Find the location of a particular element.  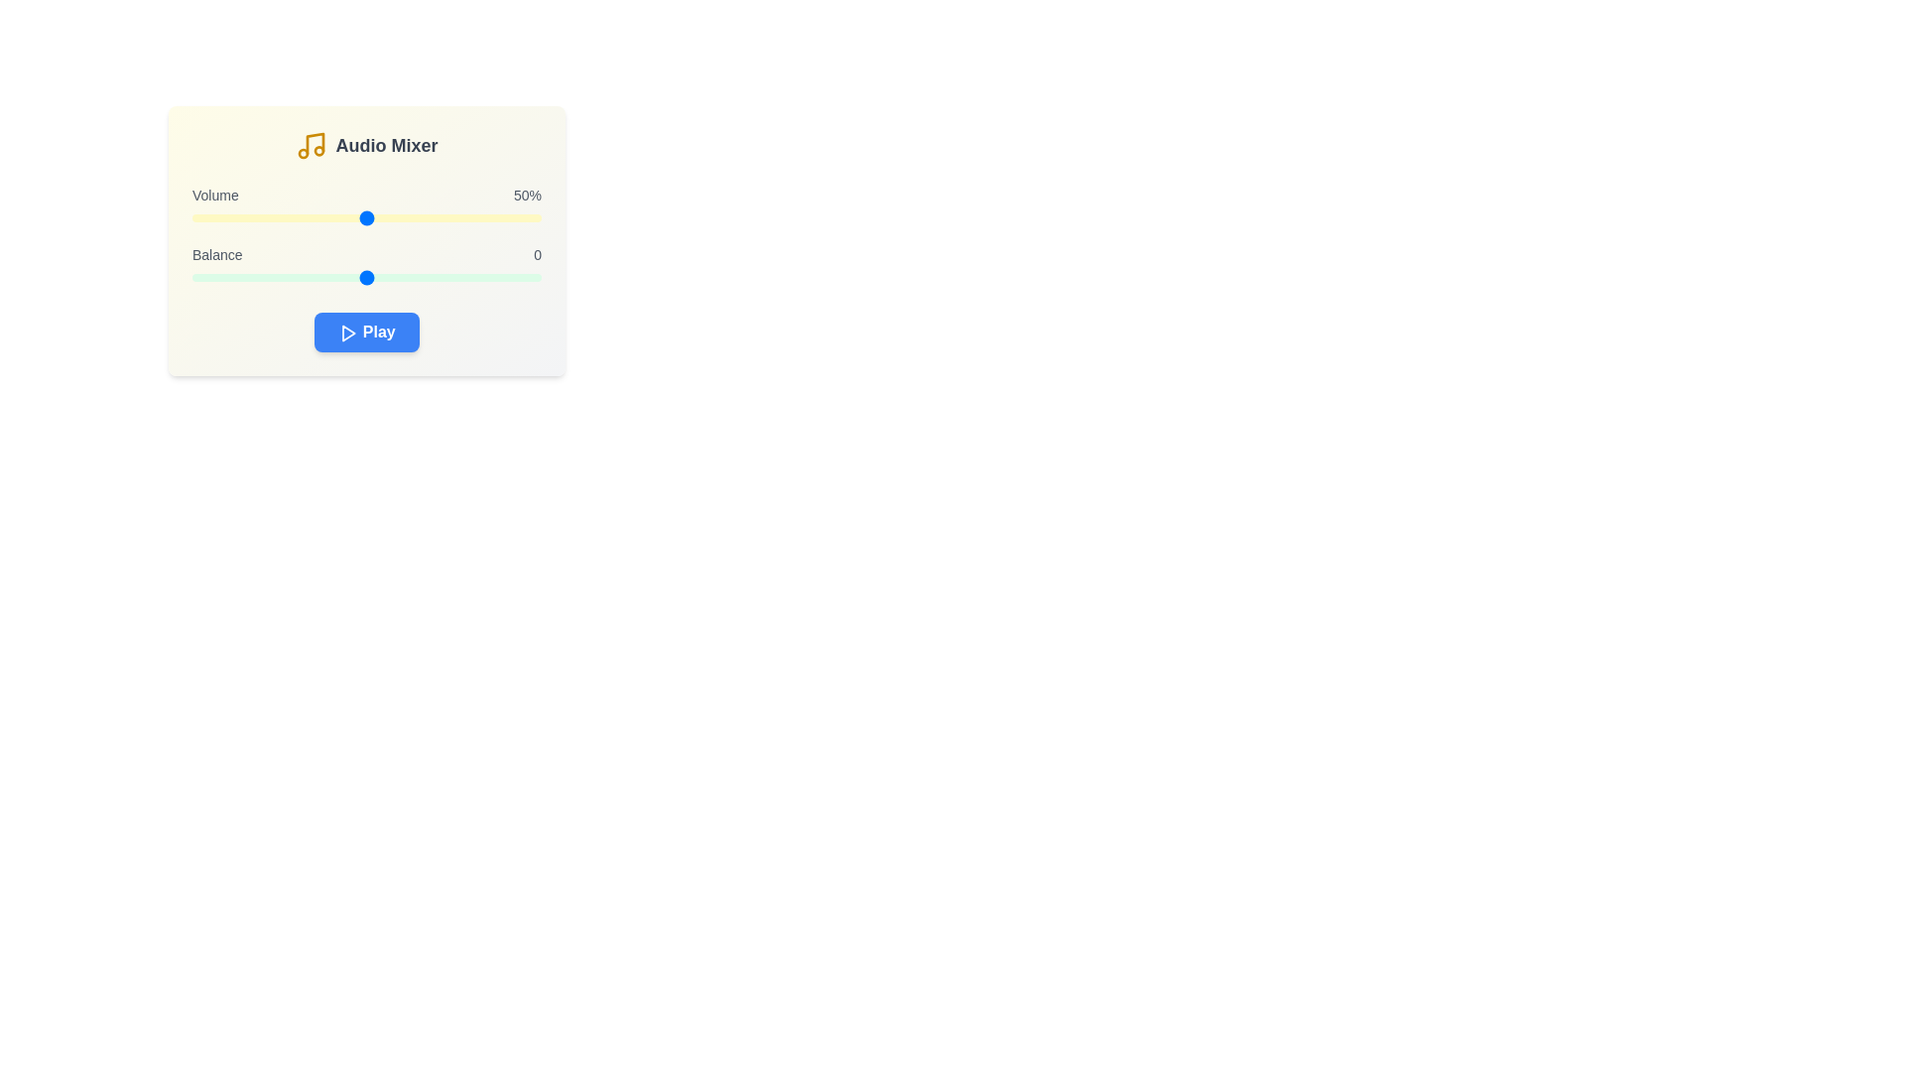

on the 'Play' icon located inside the blue rectangular button at the lower central part of the audio control card interface is located at coordinates (348, 332).